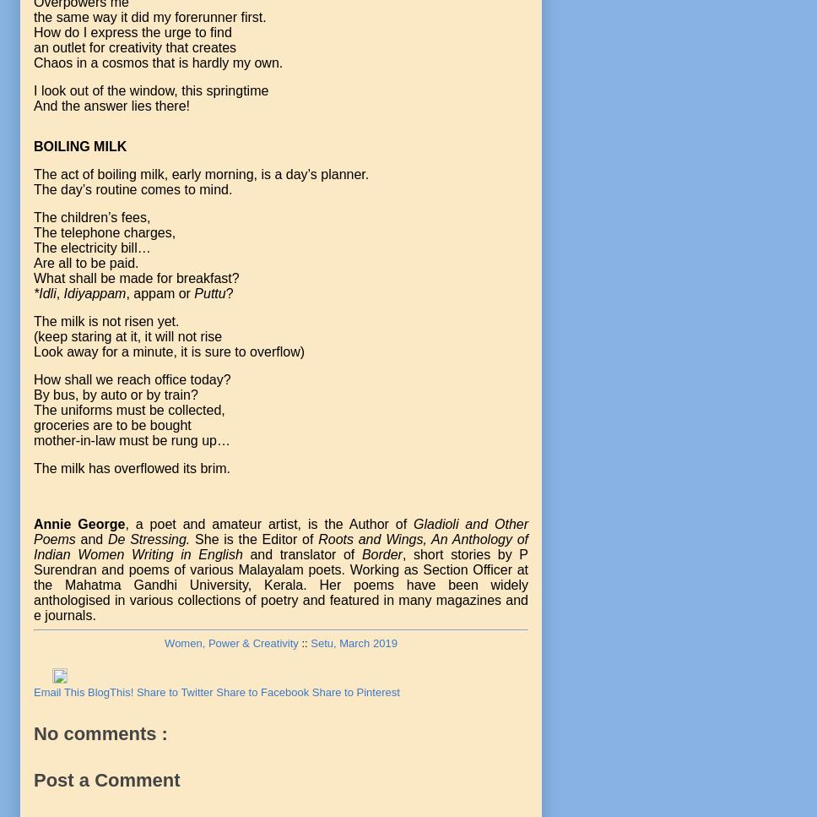  I want to click on 'the same way it did my forerunner first.', so click(149, 17).